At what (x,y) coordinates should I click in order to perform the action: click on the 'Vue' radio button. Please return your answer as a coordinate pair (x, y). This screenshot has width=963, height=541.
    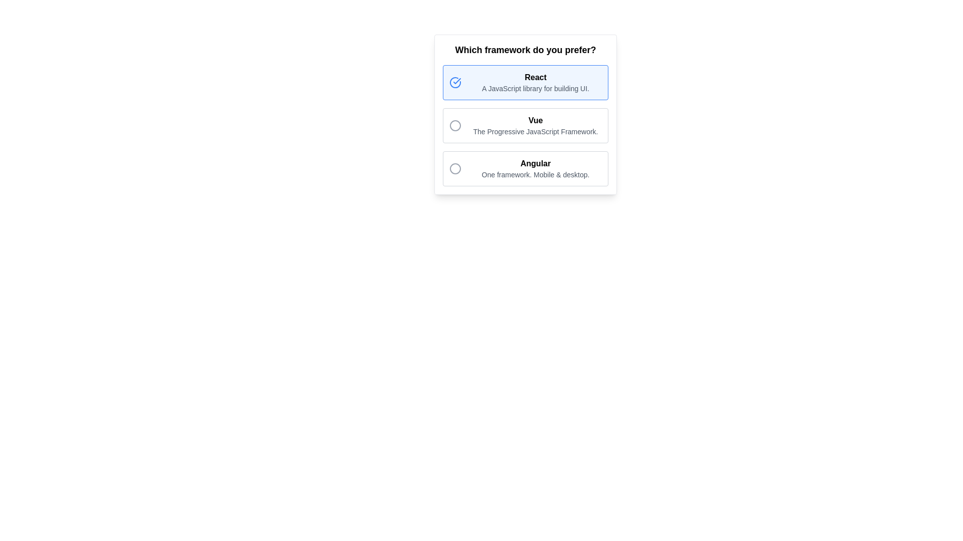
    Looking at the image, I should click on (525, 125).